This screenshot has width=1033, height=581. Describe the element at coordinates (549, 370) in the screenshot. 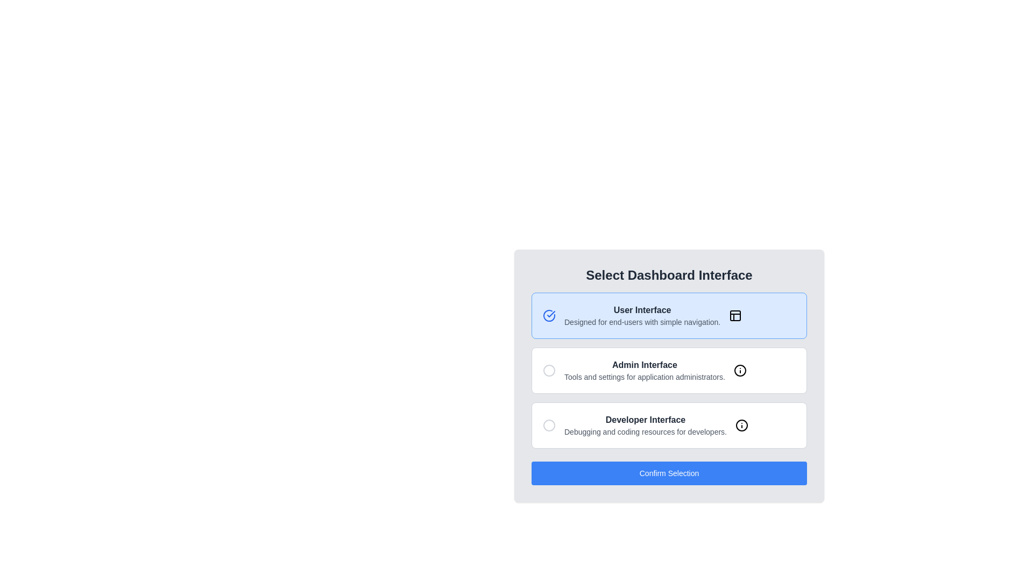

I see `the interactive graphical indicator resembling a radio button` at that location.